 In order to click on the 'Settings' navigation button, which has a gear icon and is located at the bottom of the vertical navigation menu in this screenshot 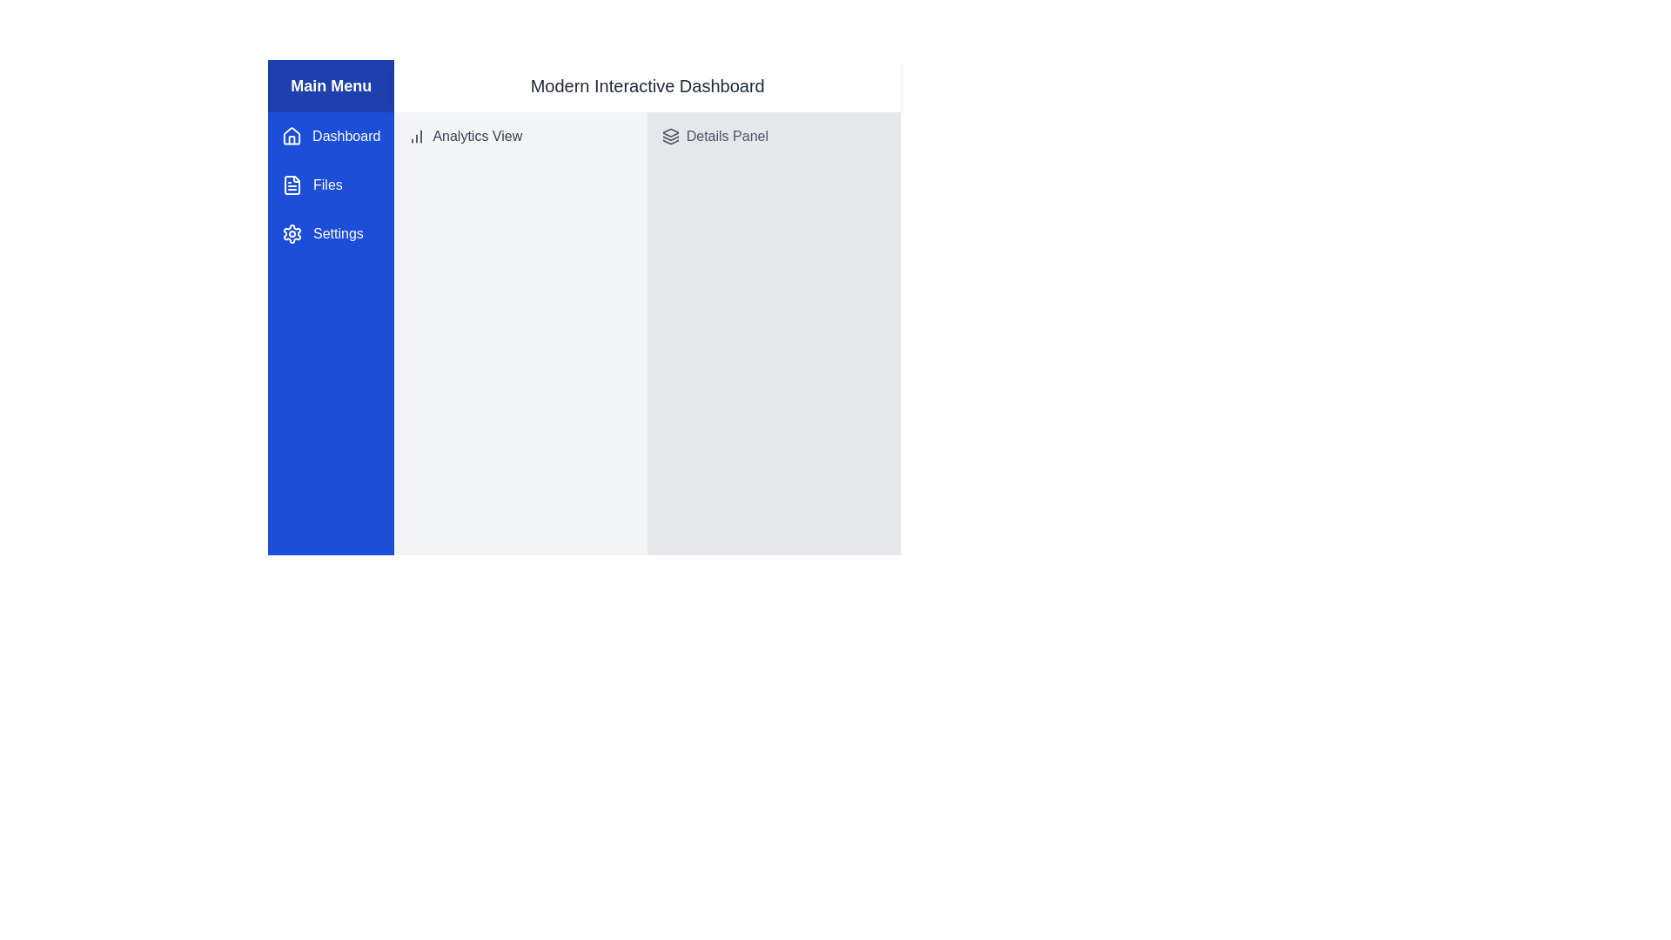, I will do `click(331, 233)`.